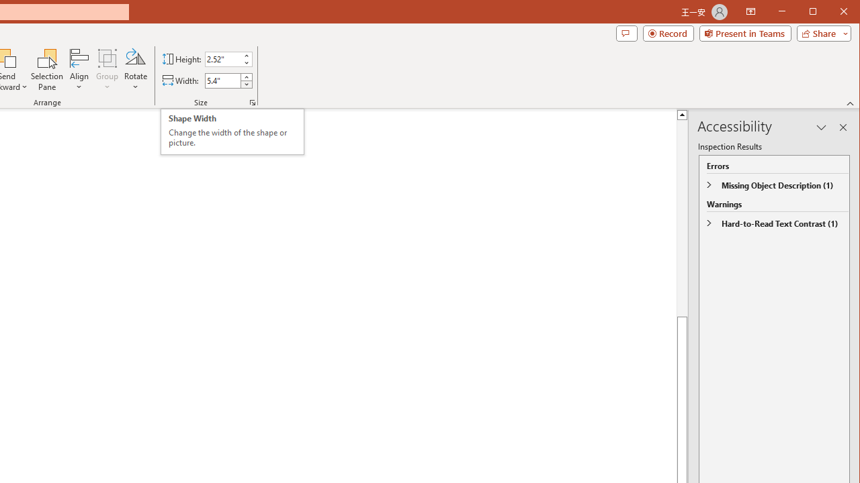  Describe the element at coordinates (135, 70) in the screenshot. I see `'Rotate'` at that location.